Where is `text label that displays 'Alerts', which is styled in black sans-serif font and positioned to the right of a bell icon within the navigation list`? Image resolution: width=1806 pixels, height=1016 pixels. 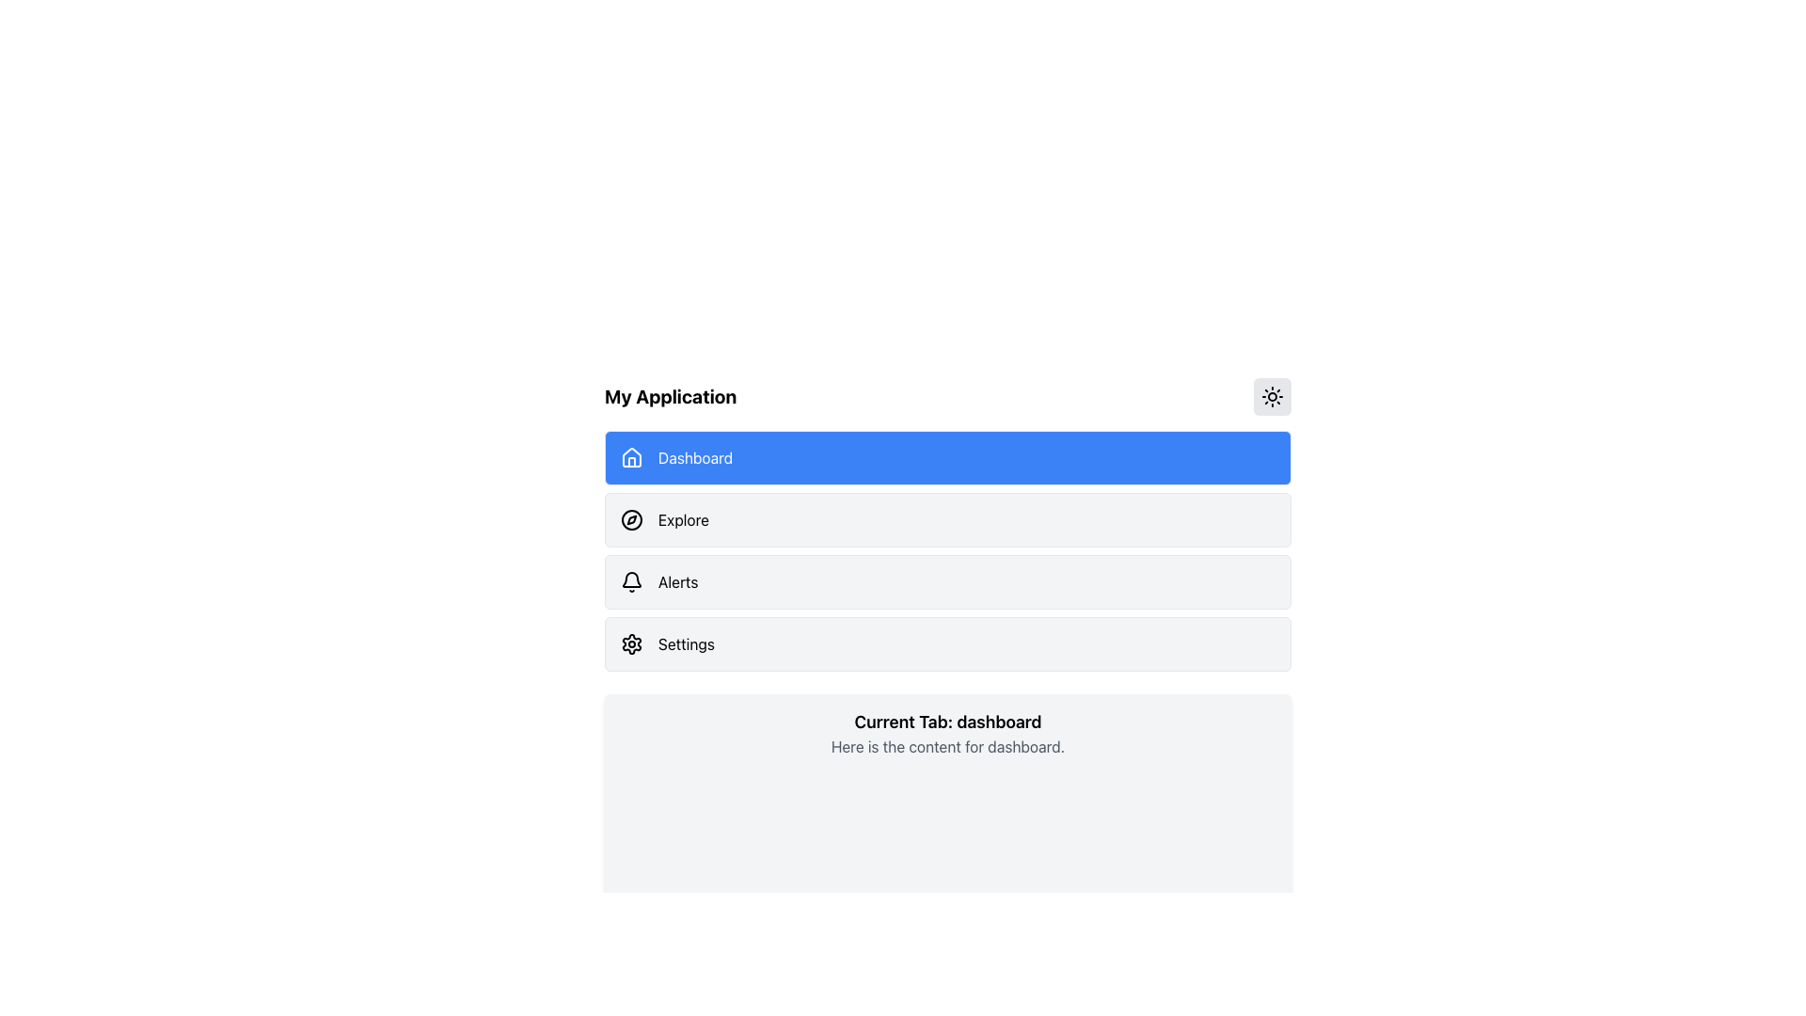 text label that displays 'Alerts', which is styled in black sans-serif font and positioned to the right of a bell icon within the navigation list is located at coordinates (677, 580).